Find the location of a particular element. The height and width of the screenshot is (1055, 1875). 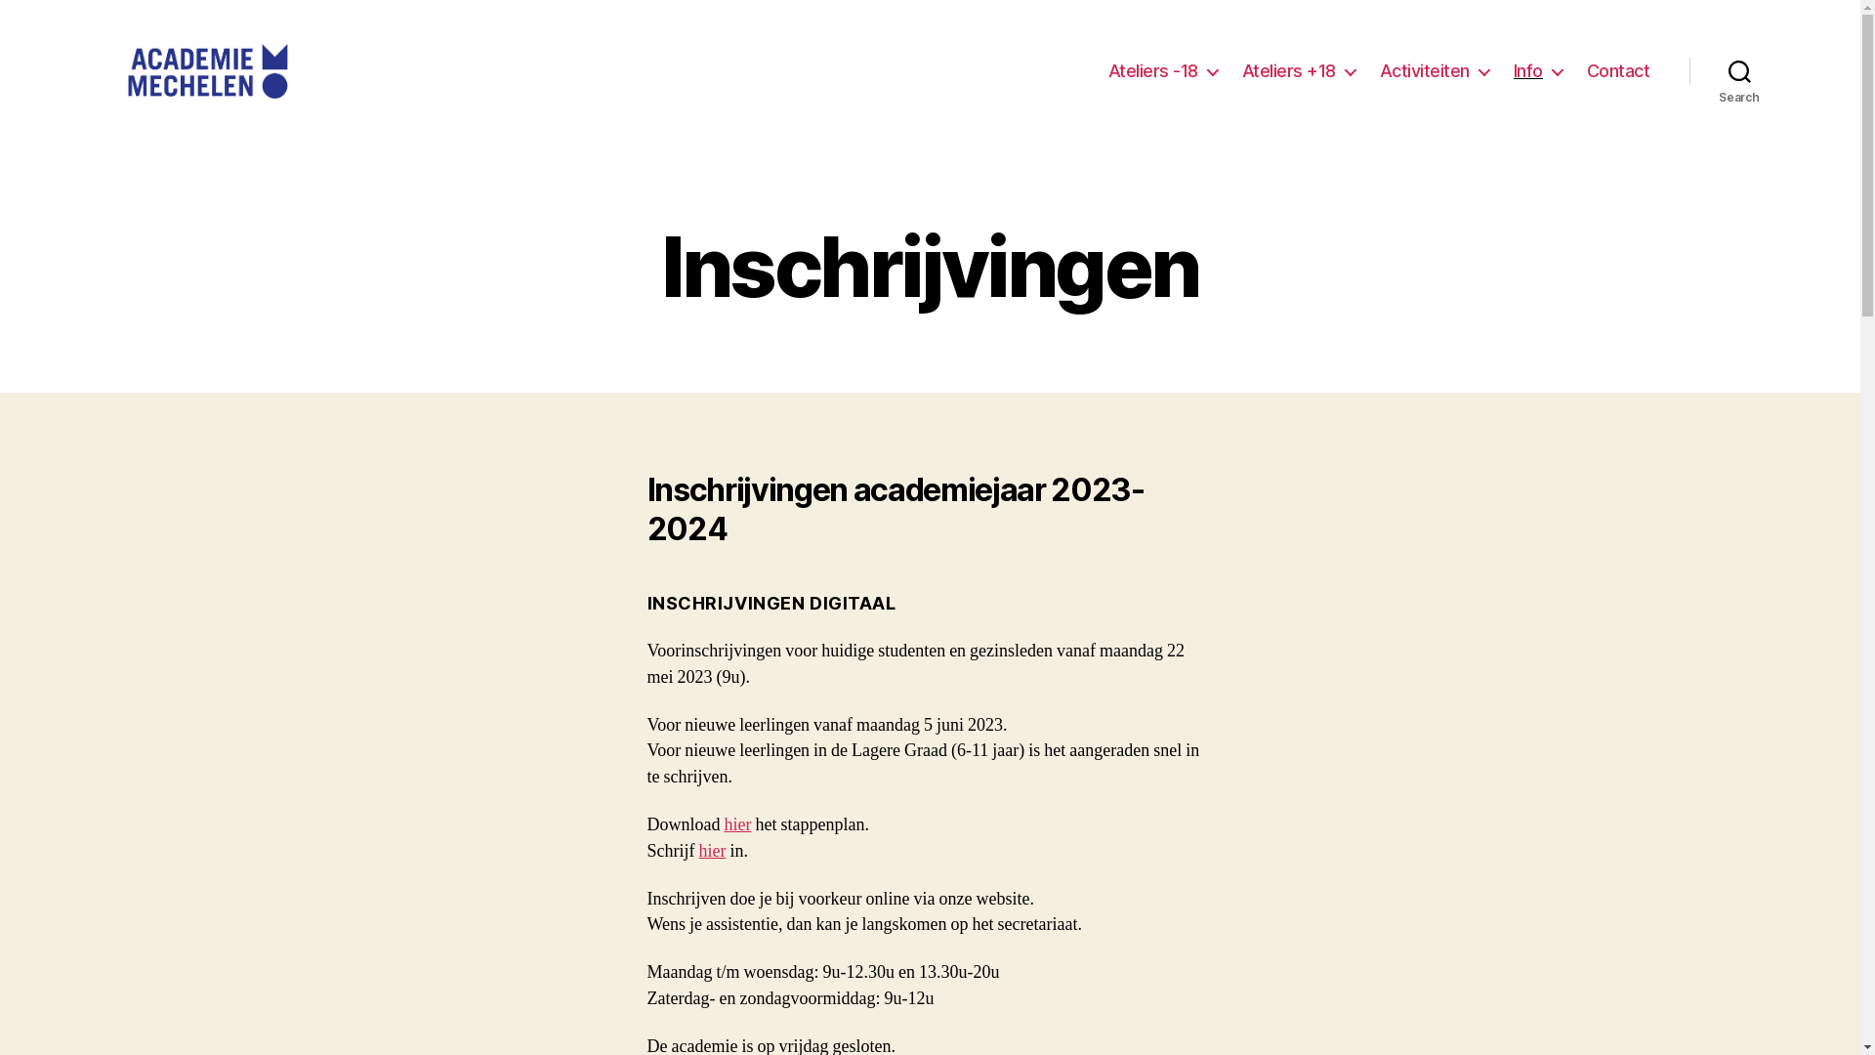

'Contact' is located at coordinates (1618, 70).